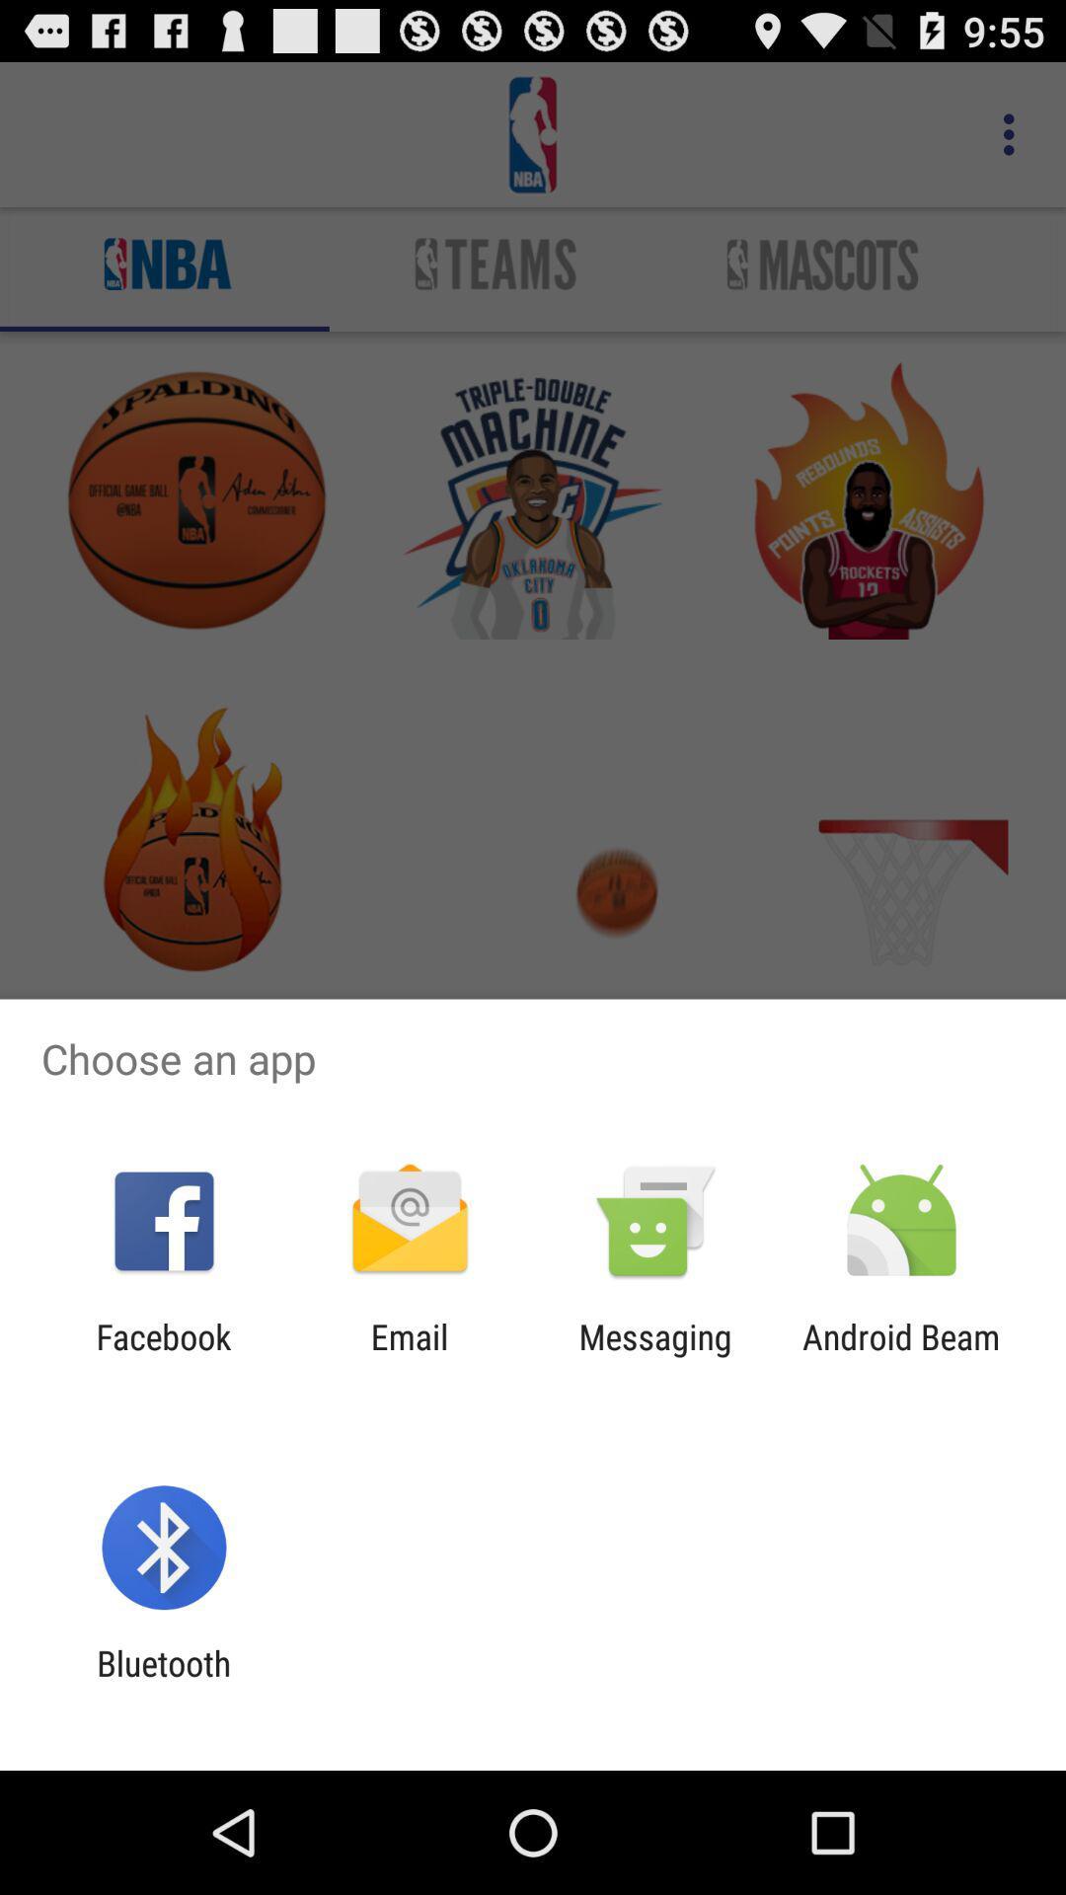 The image size is (1066, 1895). Describe the element at coordinates (901, 1356) in the screenshot. I see `the app next to the messaging app` at that location.